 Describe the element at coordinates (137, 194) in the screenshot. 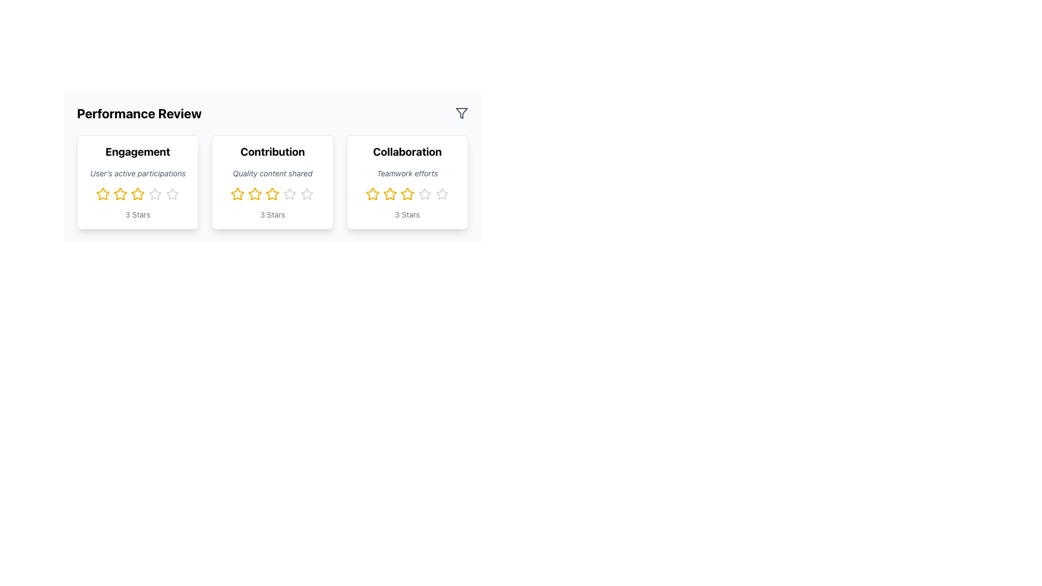

I see `the fourth yellow star icon representing a rating in the 'Engagement' card of the 'Performance Review' section` at that location.